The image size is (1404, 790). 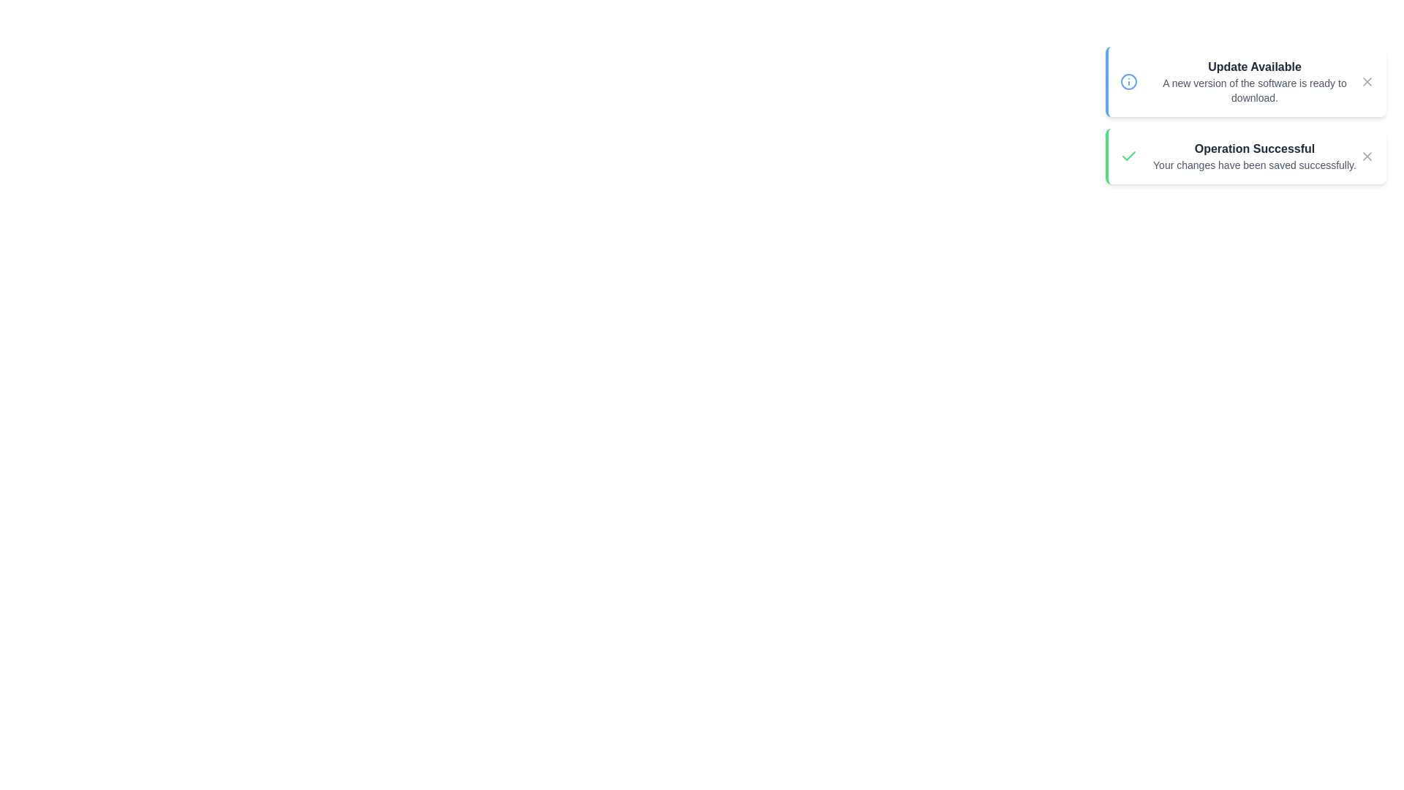 What do you see at coordinates (1128, 156) in the screenshot?
I see `icon that serves as a visual indicator for successful operation, located within the lower notification box next to the message 'Operation Successful'` at bounding box center [1128, 156].